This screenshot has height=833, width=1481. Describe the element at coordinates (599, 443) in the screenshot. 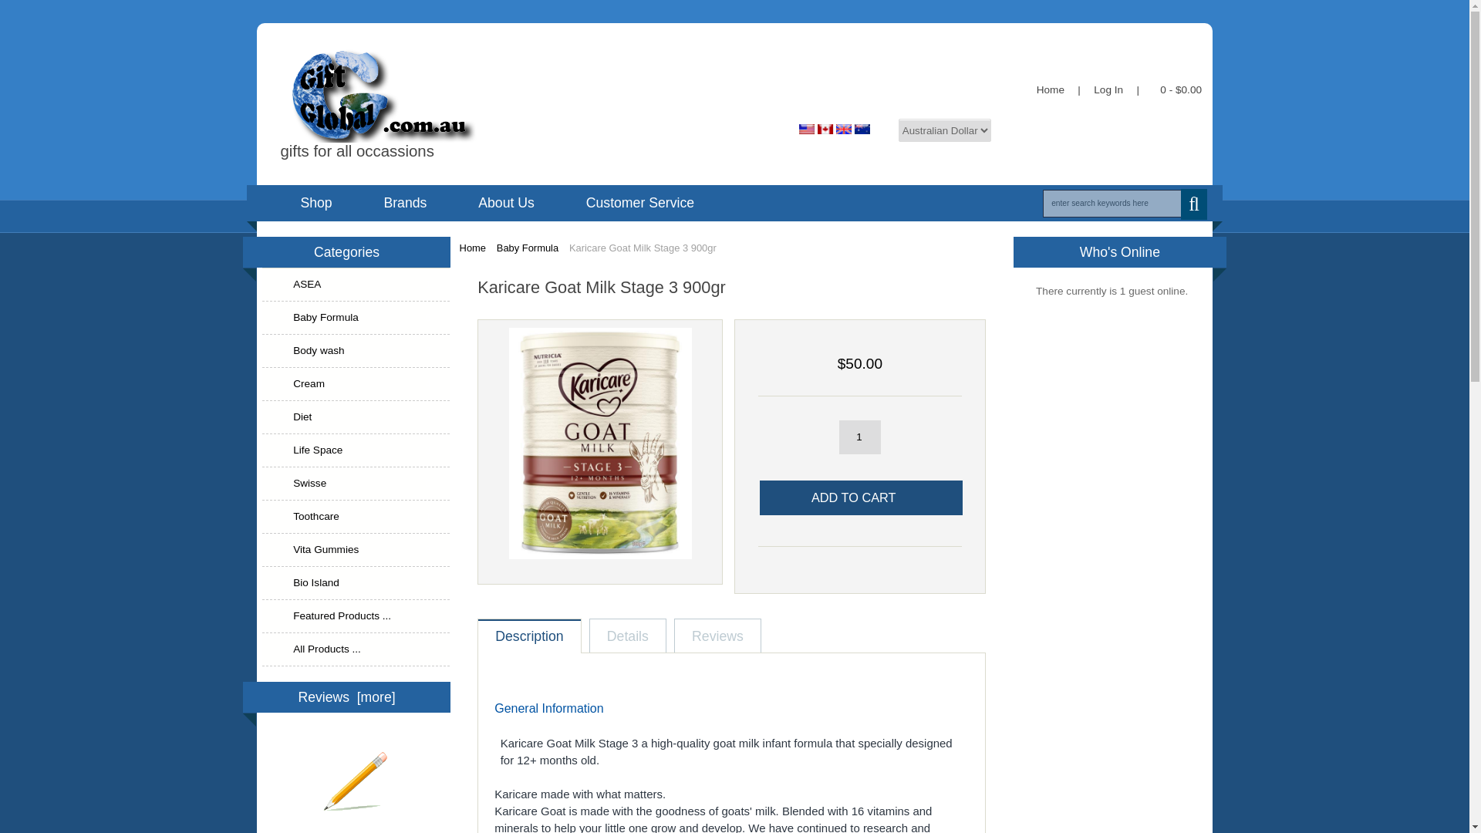

I see `' Karicare Goat Milk Stage 3 900gr '` at that location.